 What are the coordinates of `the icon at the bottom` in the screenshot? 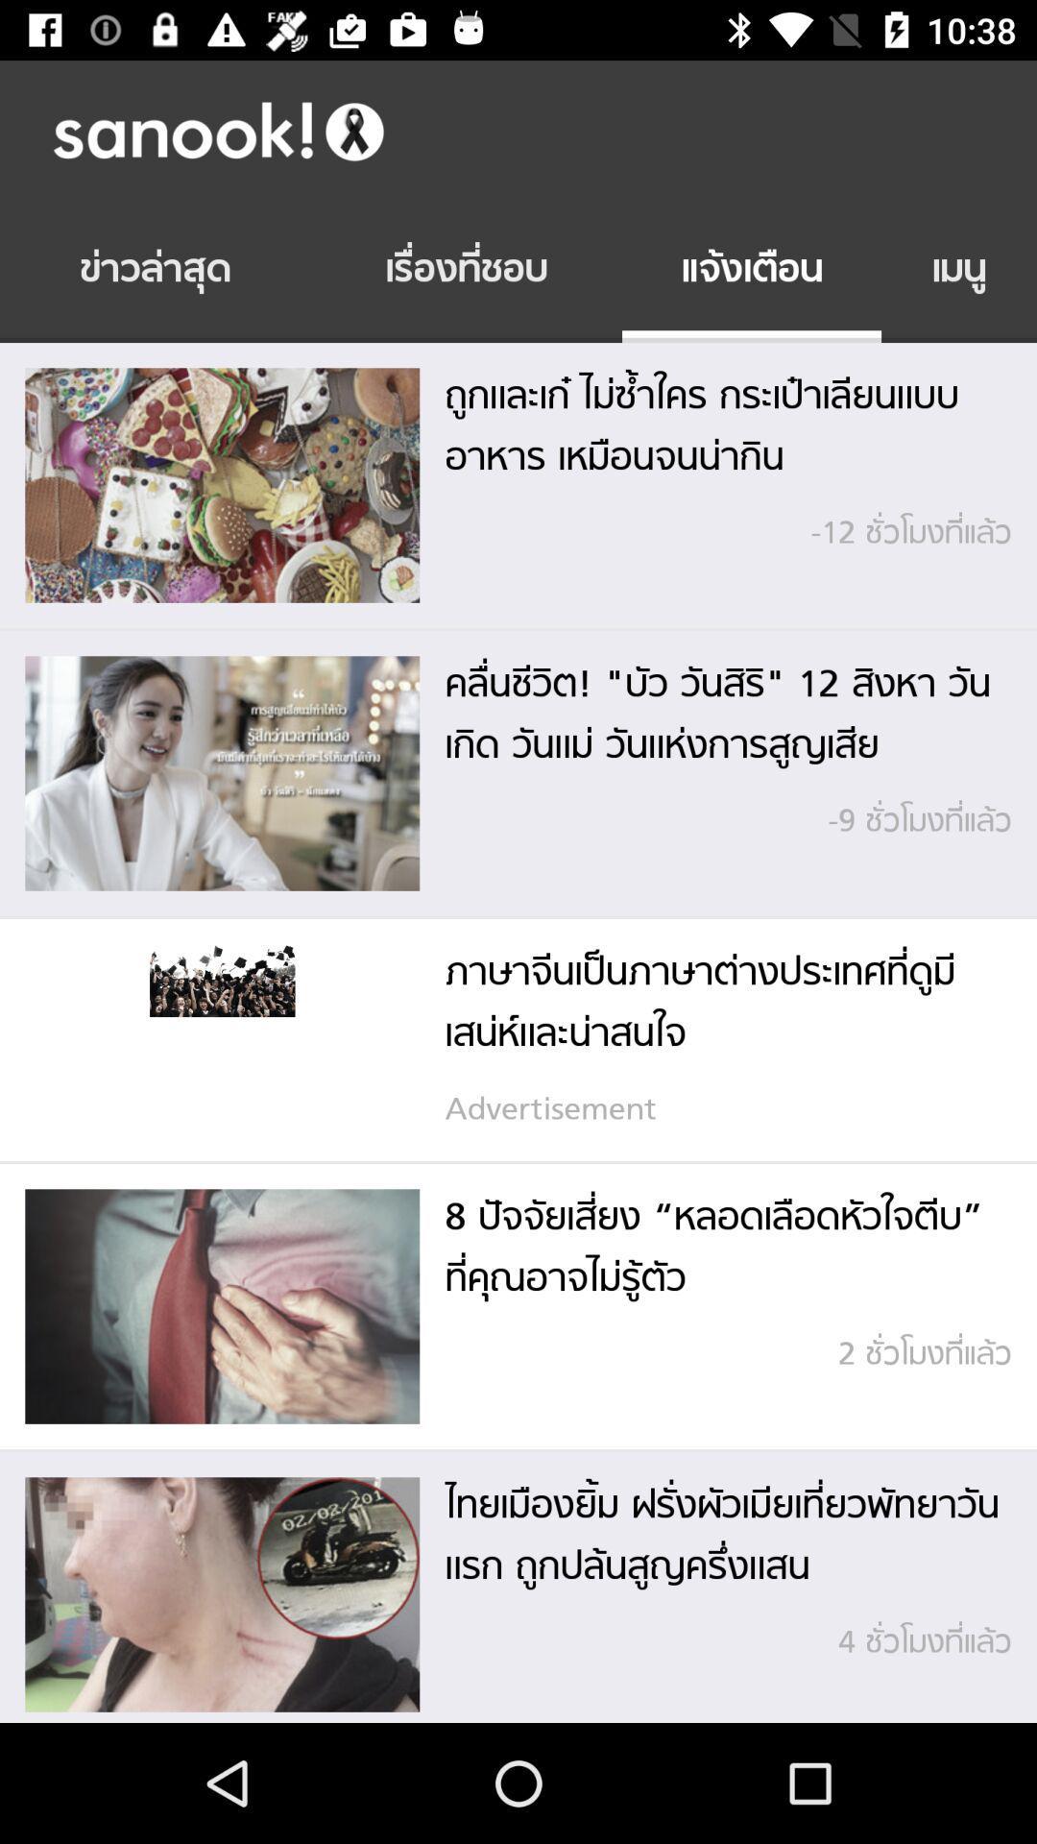 It's located at (518, 1450).